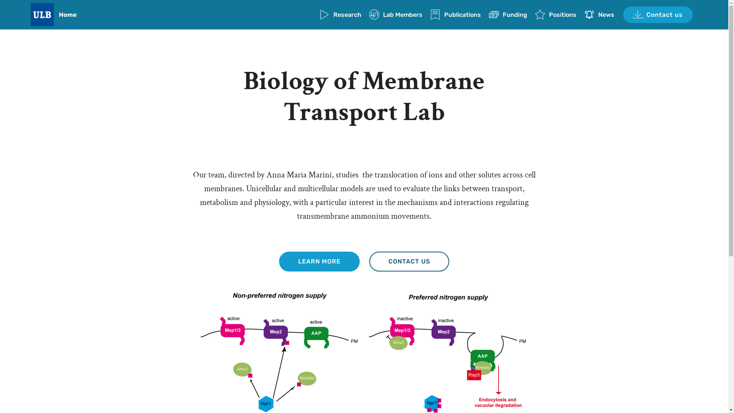 Image resolution: width=734 pixels, height=413 pixels. Describe the element at coordinates (658, 15) in the screenshot. I see `'Contact us'` at that location.